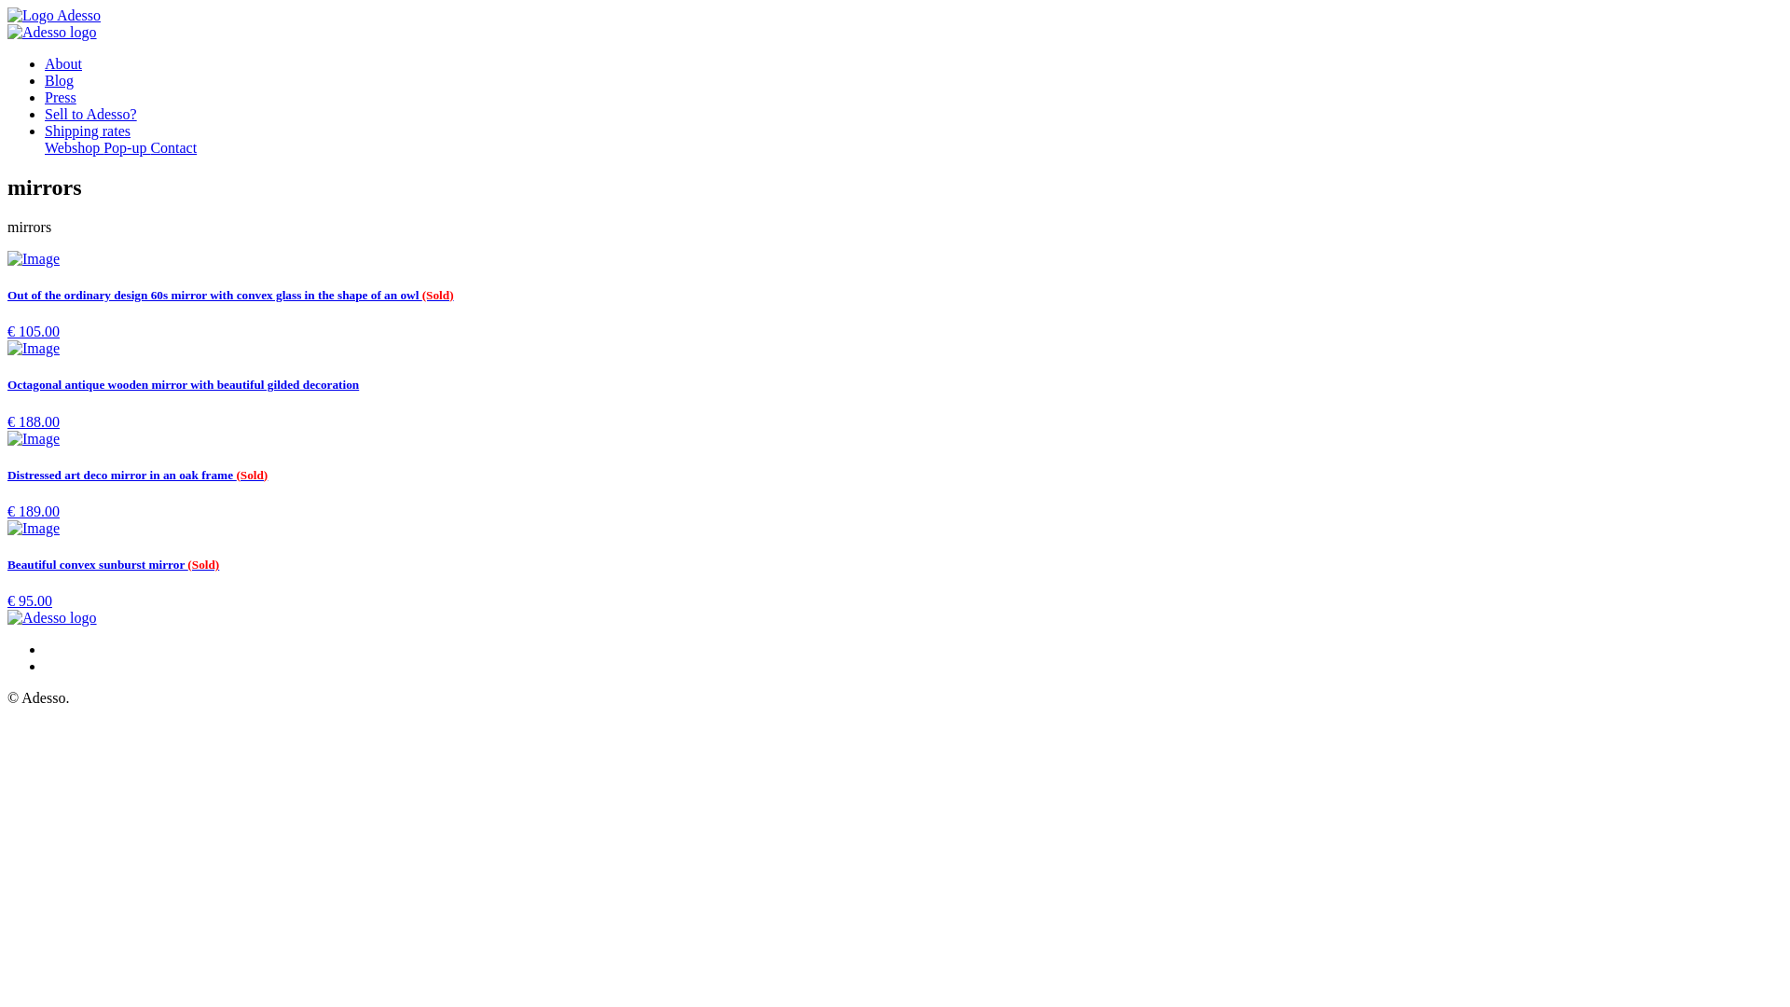  Describe the element at coordinates (61, 97) in the screenshot. I see `'Press'` at that location.